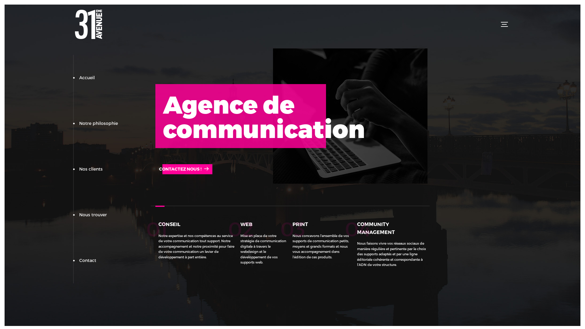 This screenshot has height=329, width=585. What do you see at coordinates (93, 214) in the screenshot?
I see `'Nous trouver'` at bounding box center [93, 214].